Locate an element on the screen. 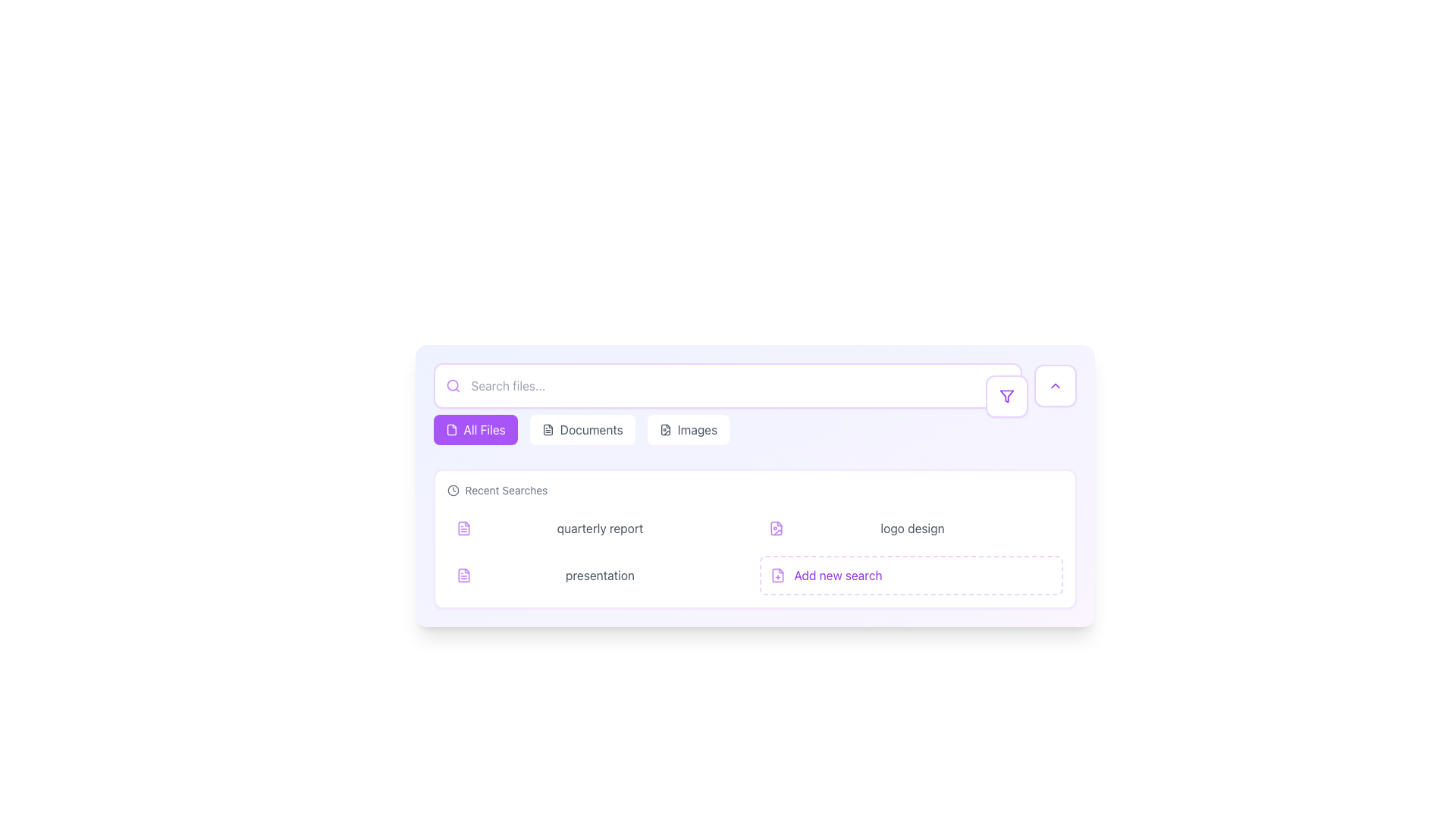 This screenshot has width=1456, height=819. the document icon representing the 'presentation' file located in the recent search entry under the 'All Files' section is located at coordinates (463, 576).